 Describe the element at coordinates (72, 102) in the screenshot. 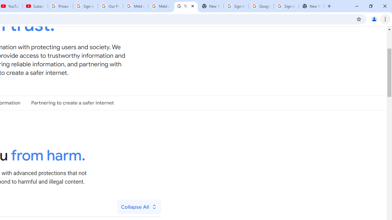

I see `'Partnering to create a safer internet'` at that location.